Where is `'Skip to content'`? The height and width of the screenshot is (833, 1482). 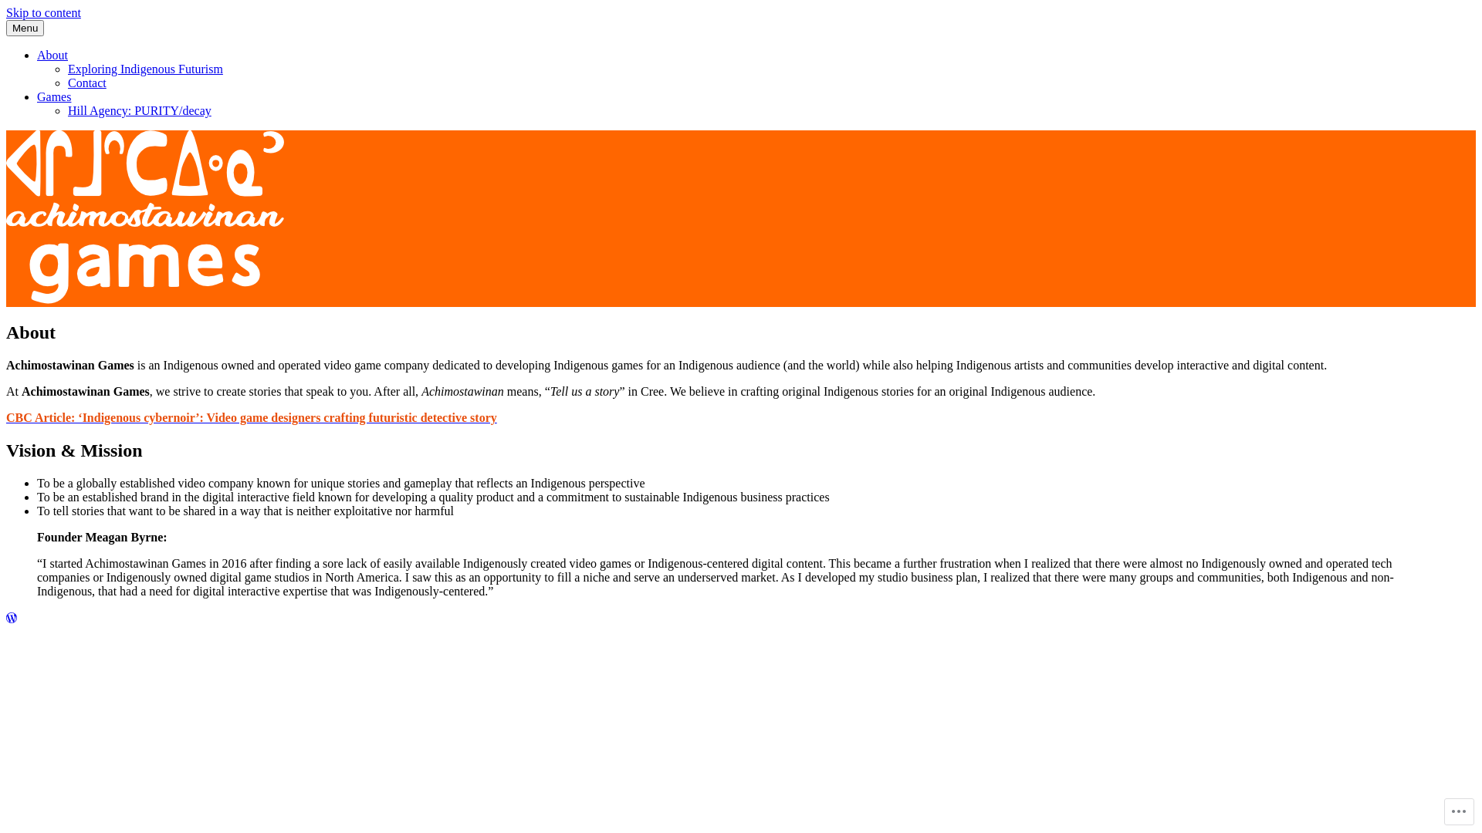
'Skip to content' is located at coordinates (43, 12).